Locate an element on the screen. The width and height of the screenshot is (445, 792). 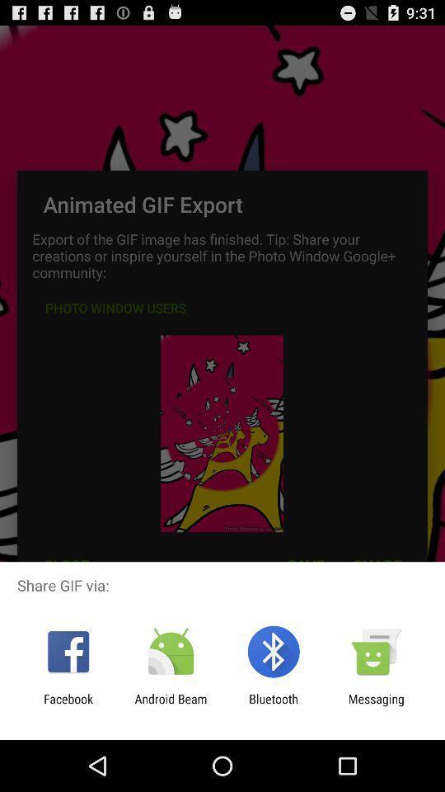
the item to the right of facebook item is located at coordinates (170, 705).